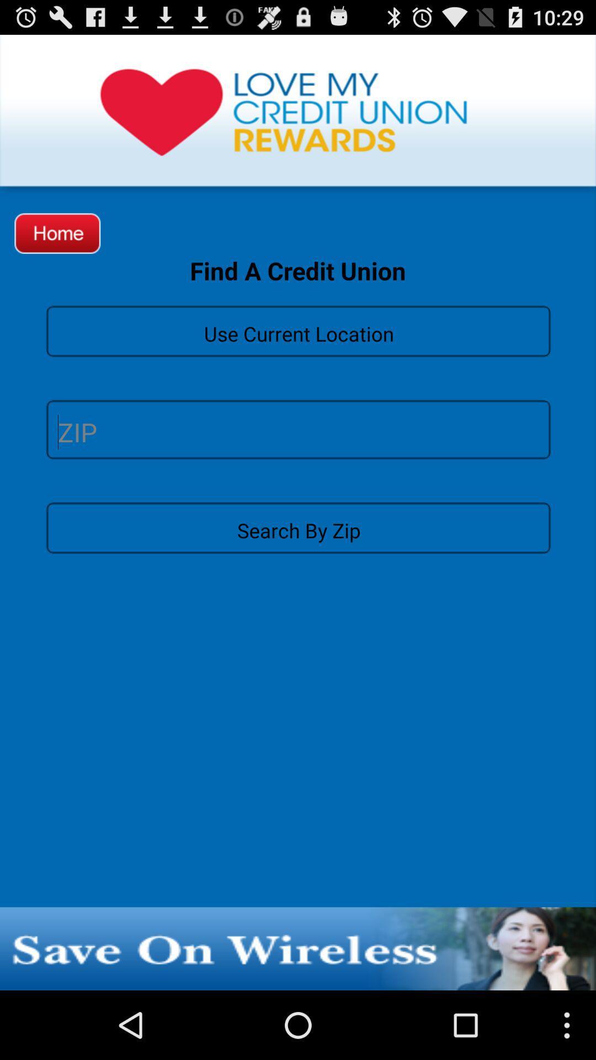 The height and width of the screenshot is (1060, 596). Describe the element at coordinates (298, 330) in the screenshot. I see `item below find a credit app` at that location.